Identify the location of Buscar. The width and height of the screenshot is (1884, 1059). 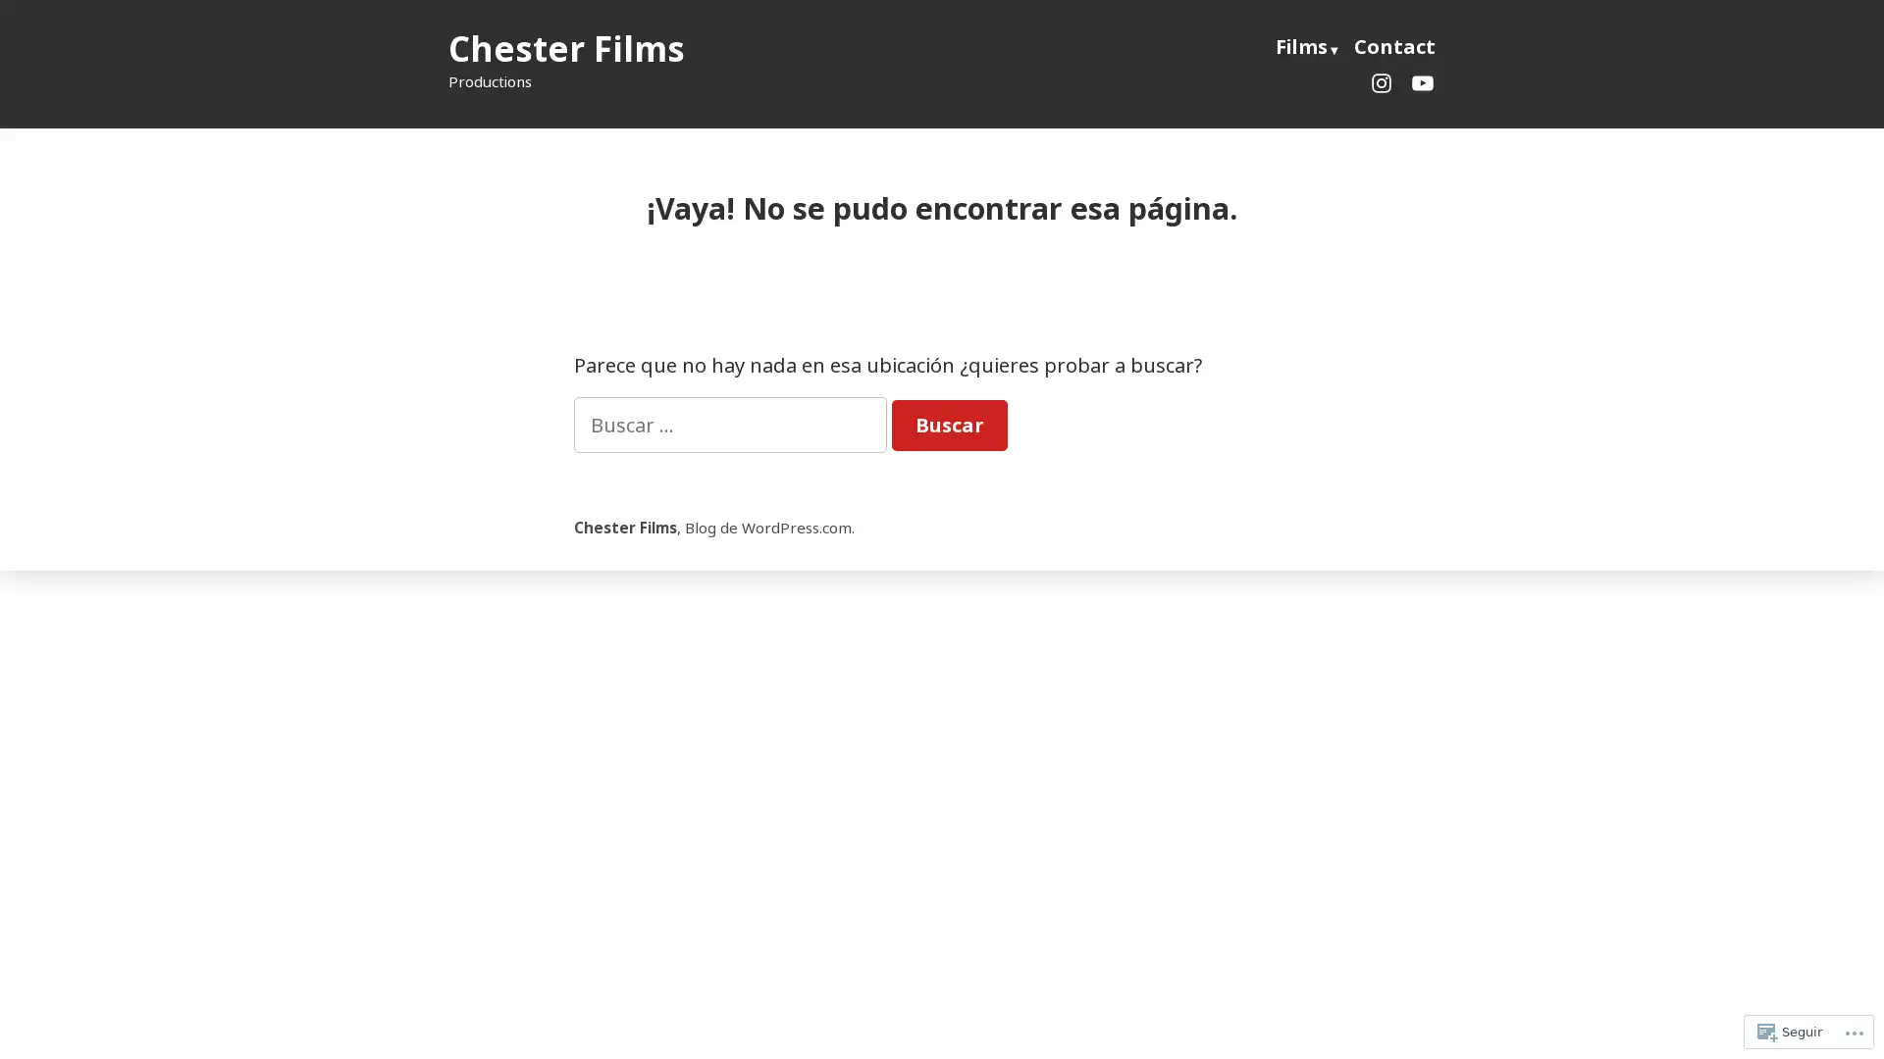
(950, 425).